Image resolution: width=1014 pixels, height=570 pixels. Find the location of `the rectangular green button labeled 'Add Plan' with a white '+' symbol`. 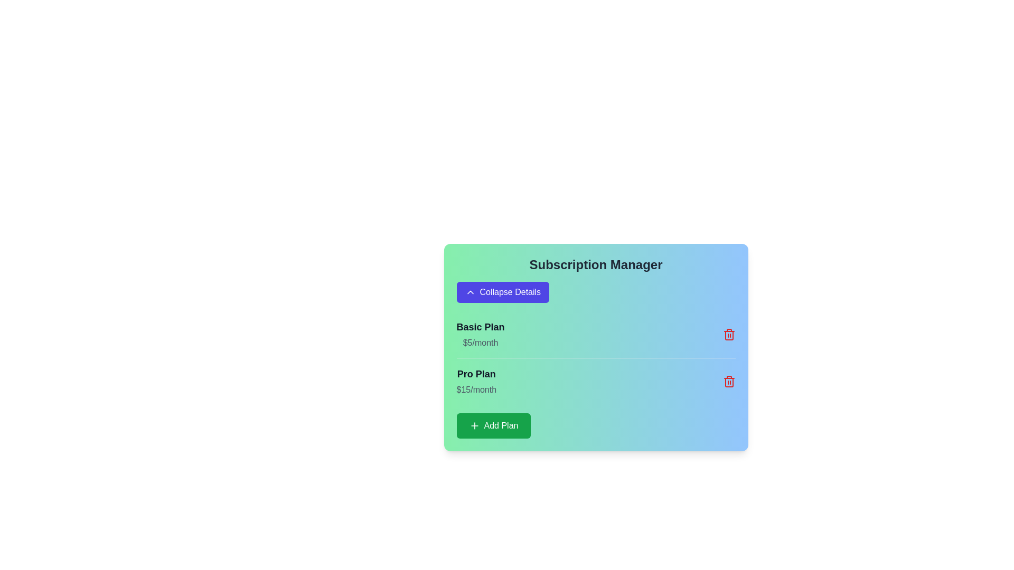

the rectangular green button labeled 'Add Plan' with a white '+' symbol is located at coordinates (493, 425).